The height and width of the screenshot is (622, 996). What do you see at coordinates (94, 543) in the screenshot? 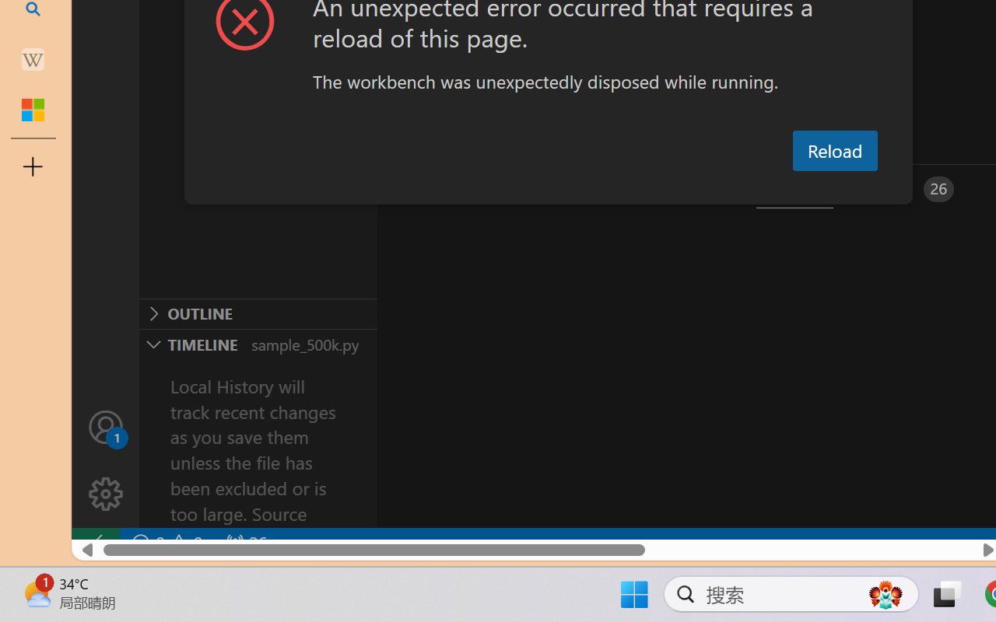
I see `'remote'` at bounding box center [94, 543].